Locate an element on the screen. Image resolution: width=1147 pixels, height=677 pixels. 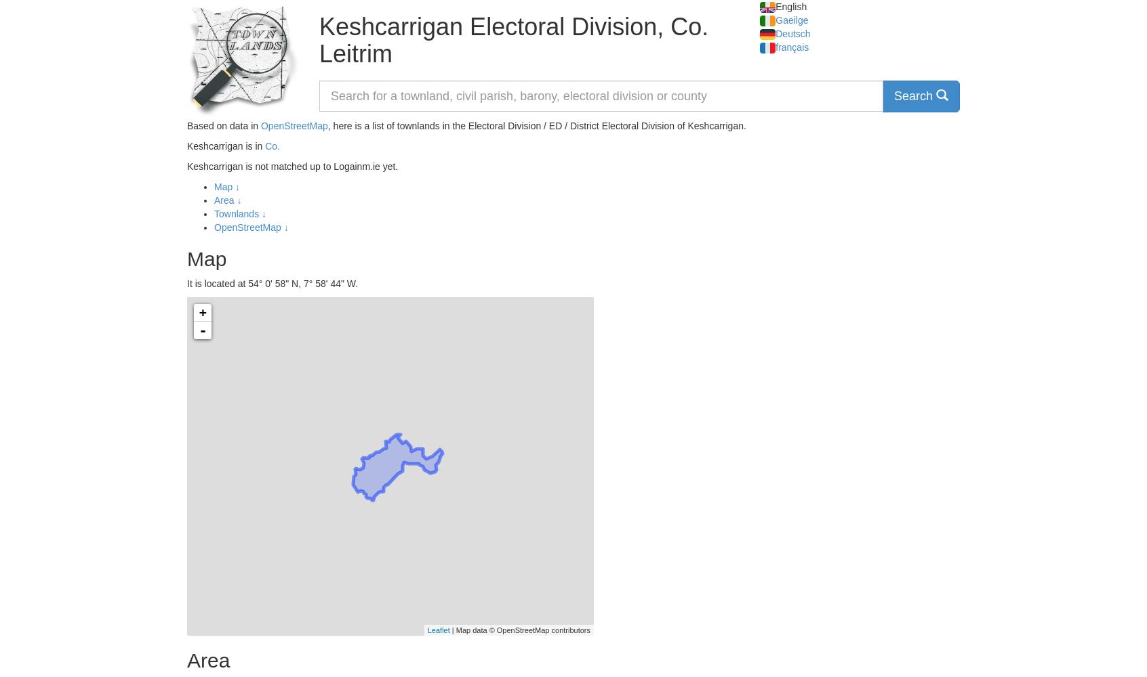
'Based on data in' is located at coordinates (222, 126).